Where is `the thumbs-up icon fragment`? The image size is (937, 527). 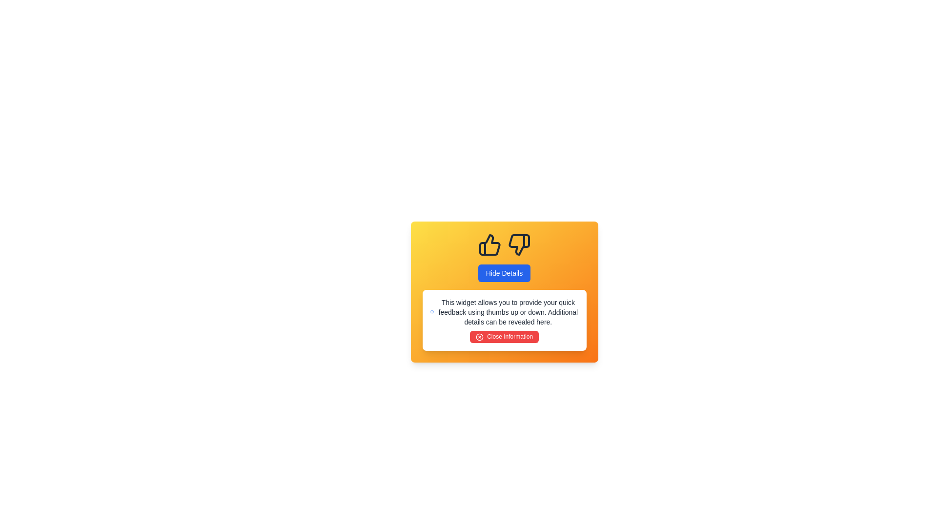
the thumbs-up icon fragment is located at coordinates (489, 244).